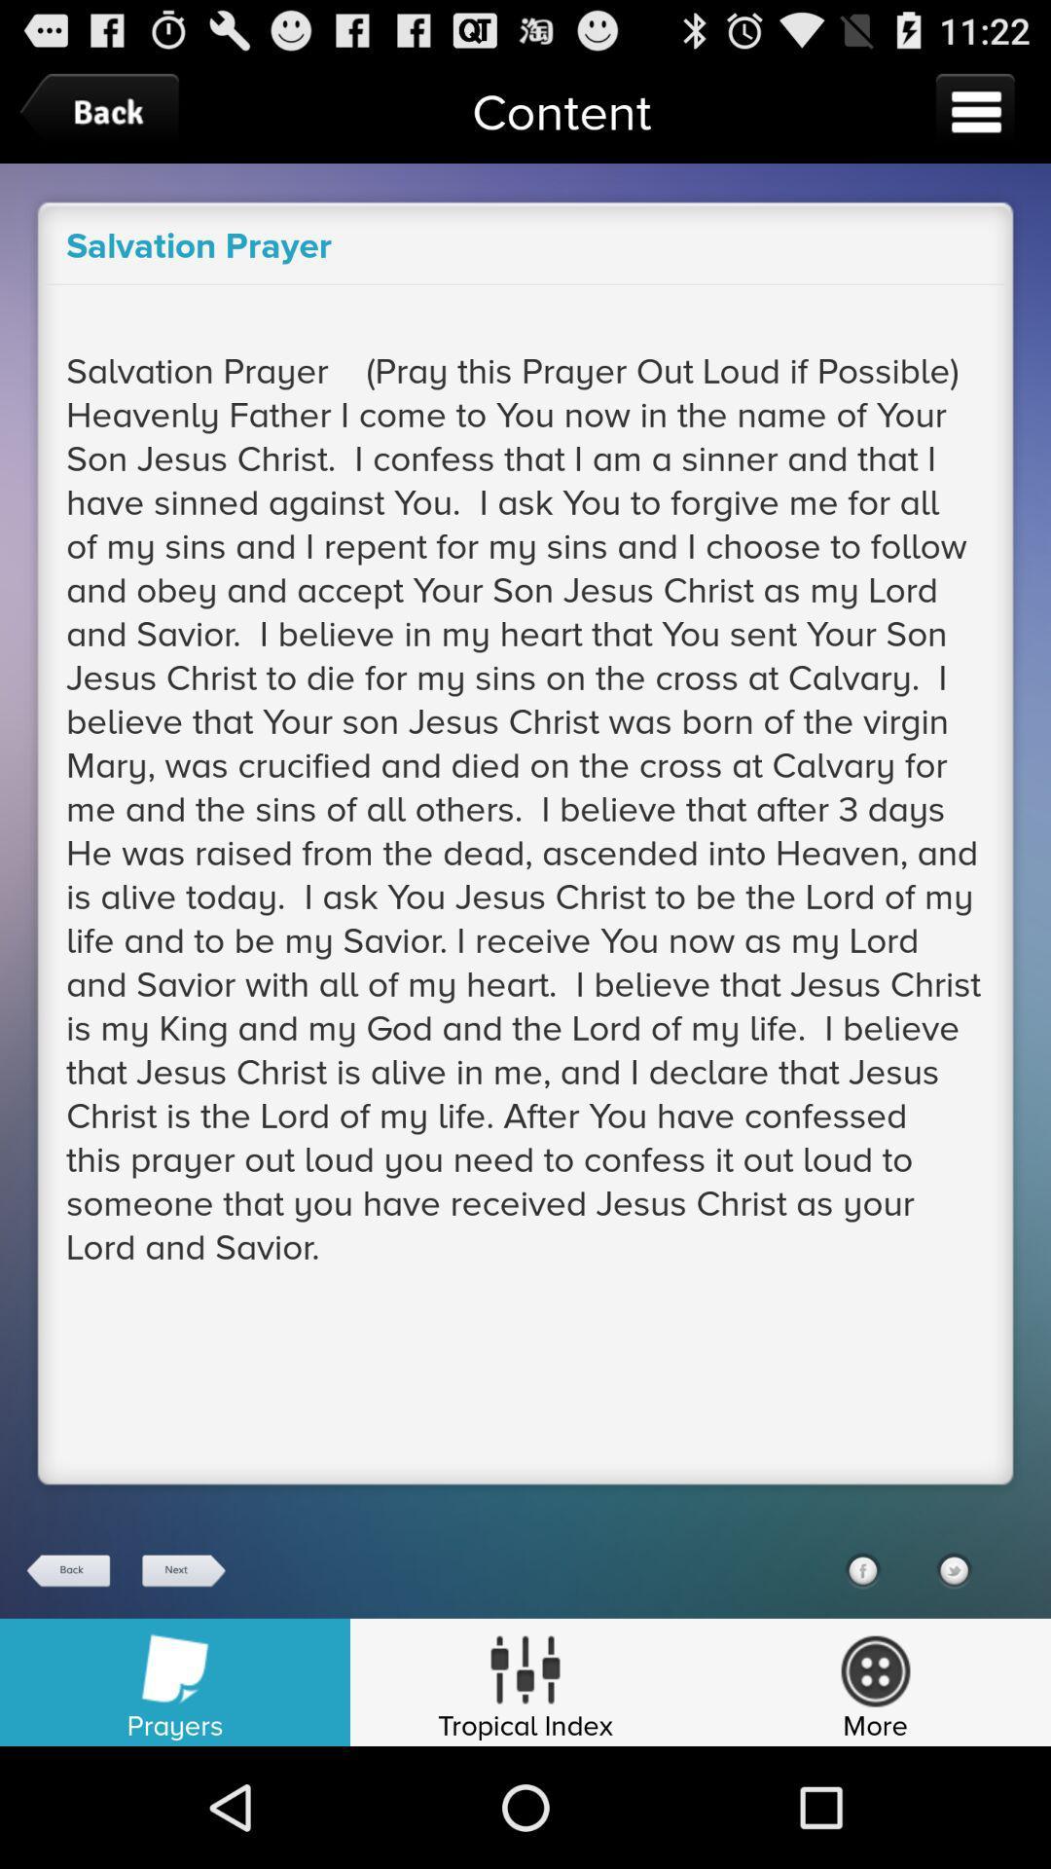 The height and width of the screenshot is (1869, 1051). I want to click on the item at the top right corner, so click(975, 111).